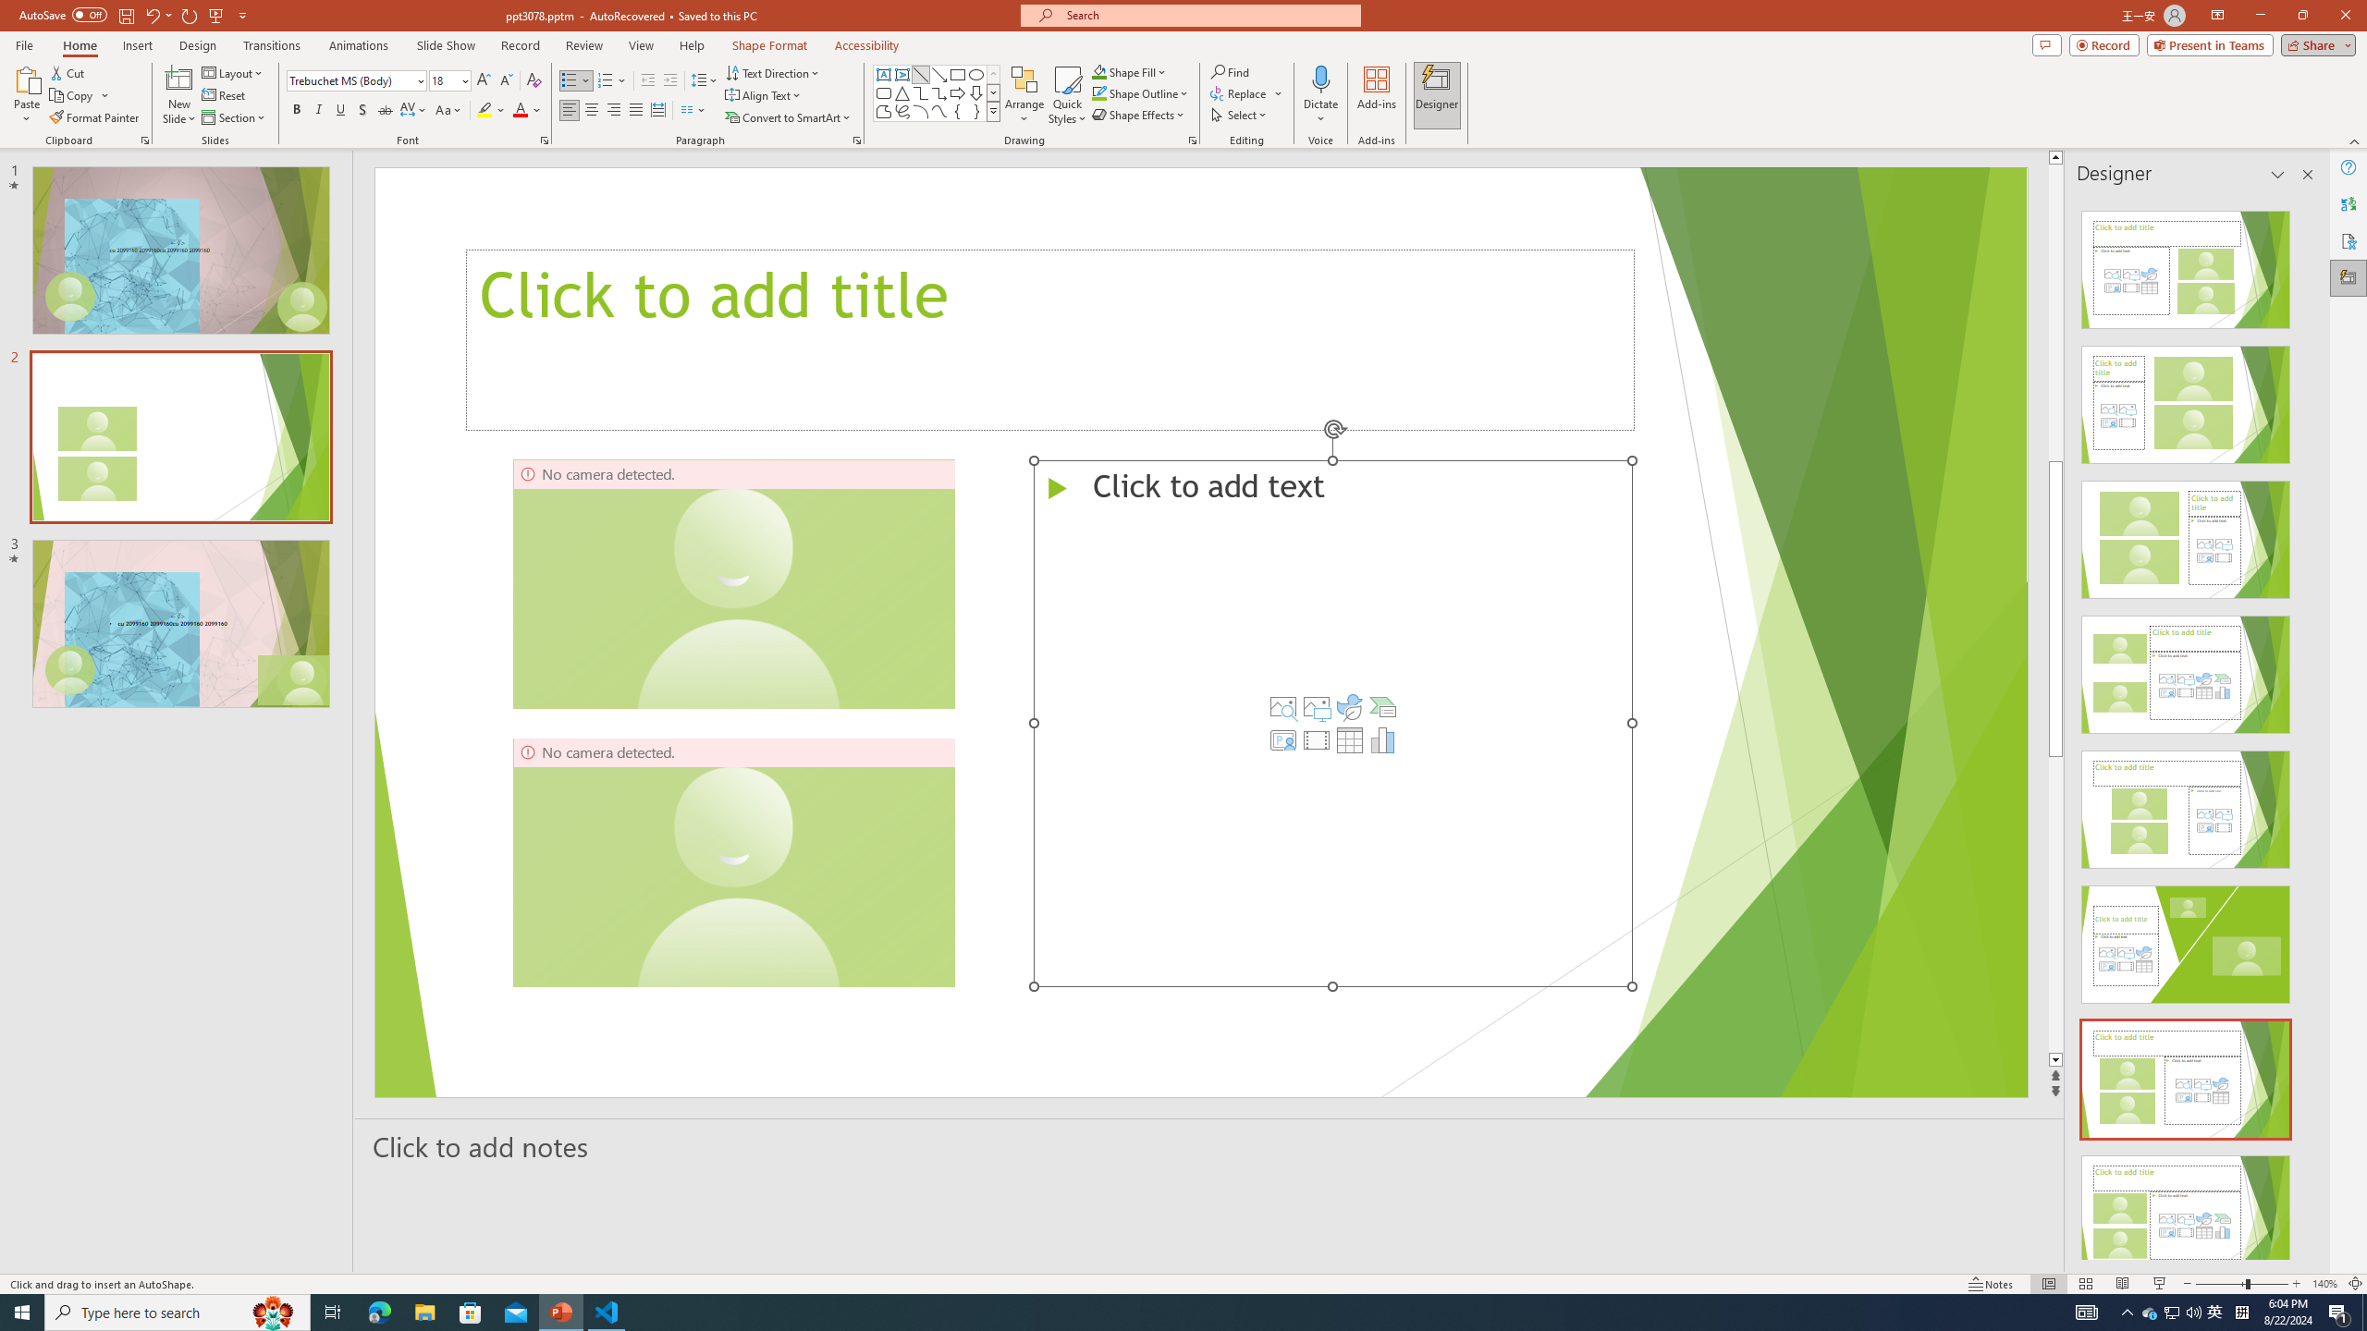 The image size is (2367, 1331). What do you see at coordinates (2306, 727) in the screenshot?
I see `'Class: NetUIScrollBar'` at bounding box center [2306, 727].